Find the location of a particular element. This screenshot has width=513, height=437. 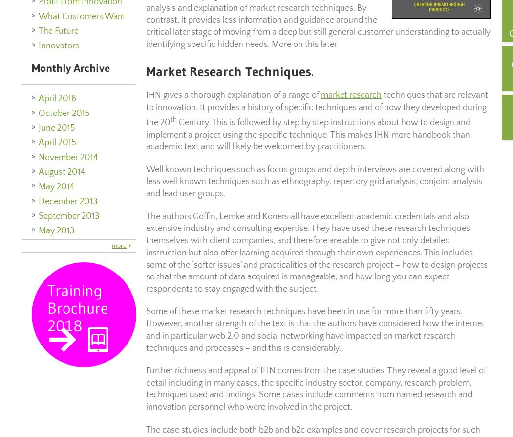

'What Customers Want' is located at coordinates (38, 16).